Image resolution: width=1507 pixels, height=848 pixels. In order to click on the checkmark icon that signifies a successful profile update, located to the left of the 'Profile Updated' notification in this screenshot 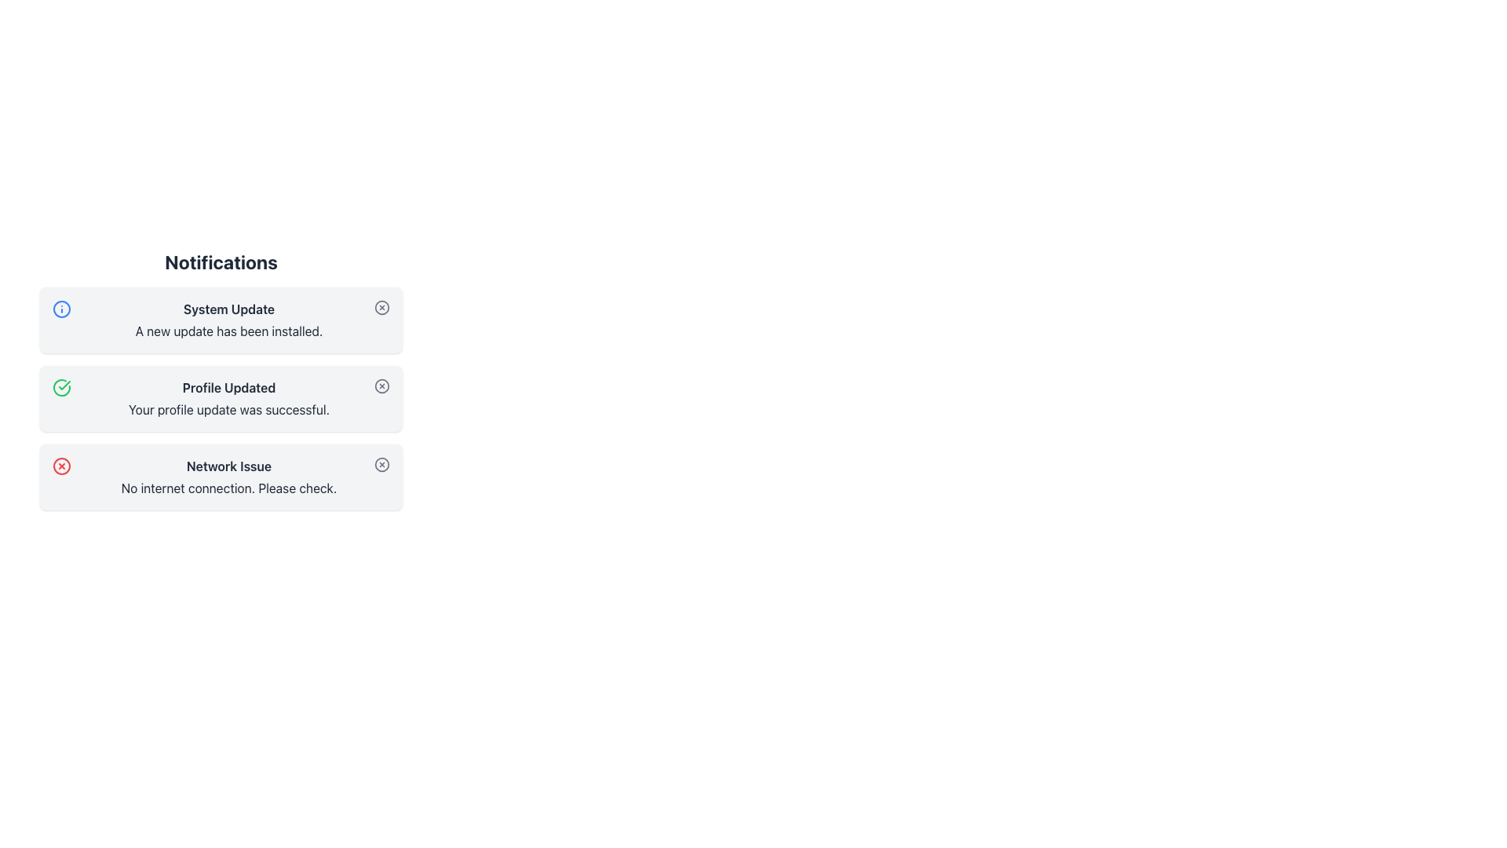, I will do `click(61, 387)`.